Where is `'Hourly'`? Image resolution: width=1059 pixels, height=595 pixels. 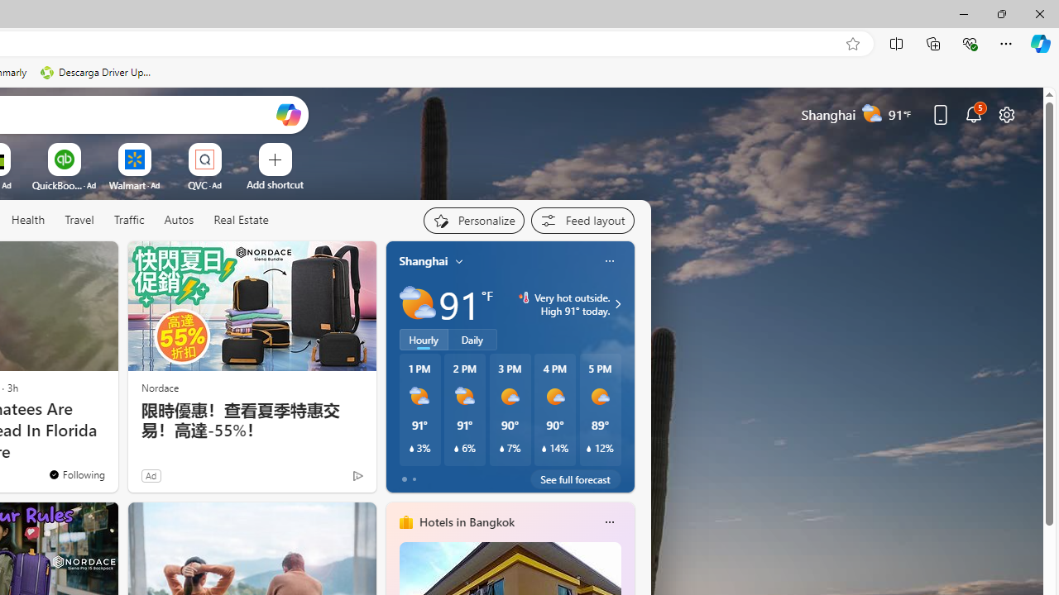 'Hourly' is located at coordinates (424, 339).